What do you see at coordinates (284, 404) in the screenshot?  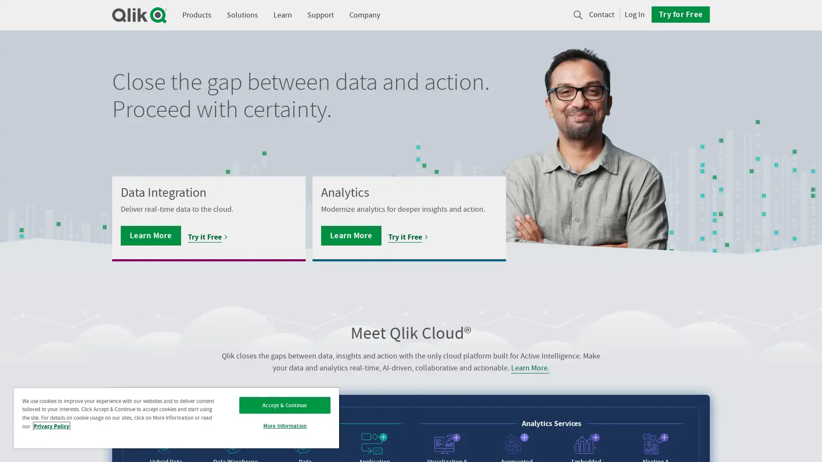 I see `Accept & Continue` at bounding box center [284, 404].